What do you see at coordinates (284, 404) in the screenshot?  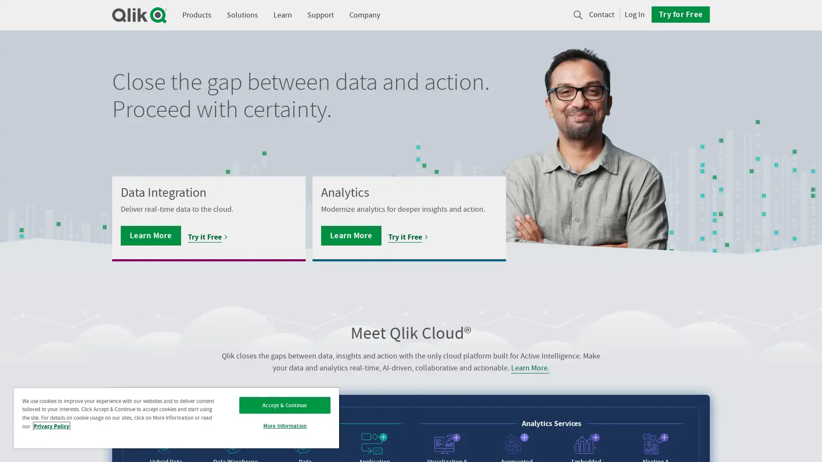 I see `Accept & Continue` at bounding box center [284, 404].